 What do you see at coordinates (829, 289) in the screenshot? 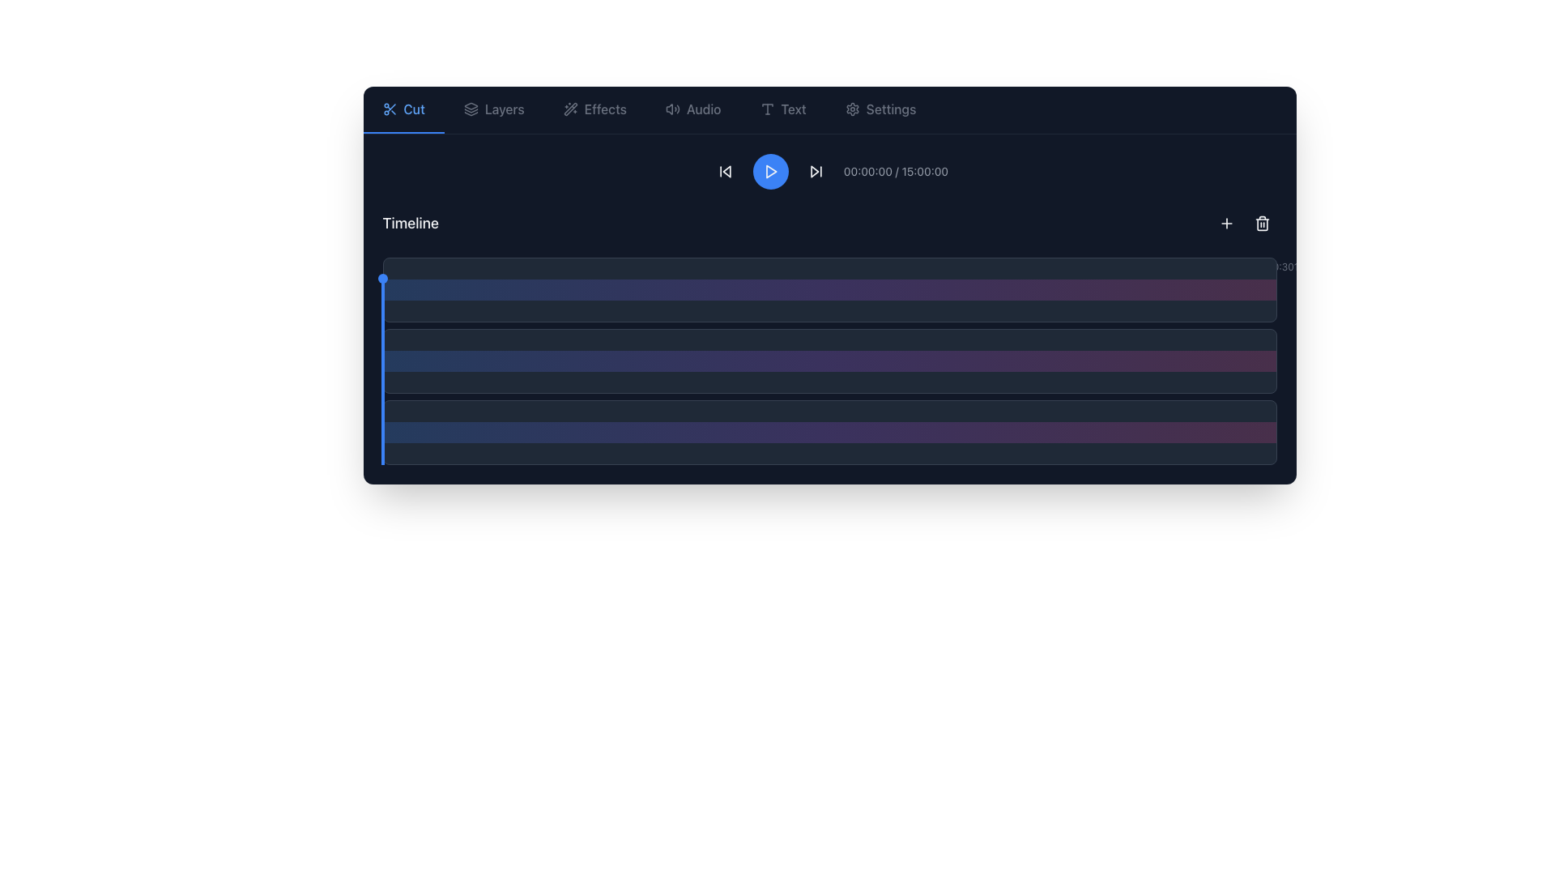
I see `the first gradient bar, which is visually styled with a blue to pink gradient and is positioned at the top of three stacked bars` at bounding box center [829, 289].